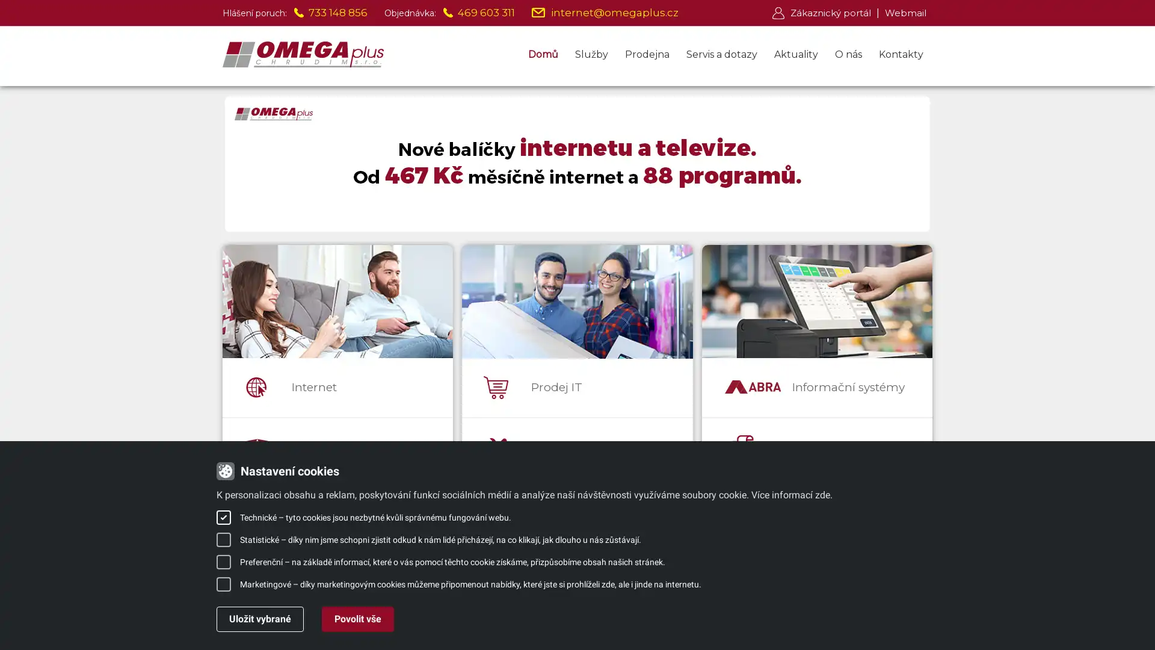 The height and width of the screenshot is (650, 1155). I want to click on Povolit vse, so click(357, 619).